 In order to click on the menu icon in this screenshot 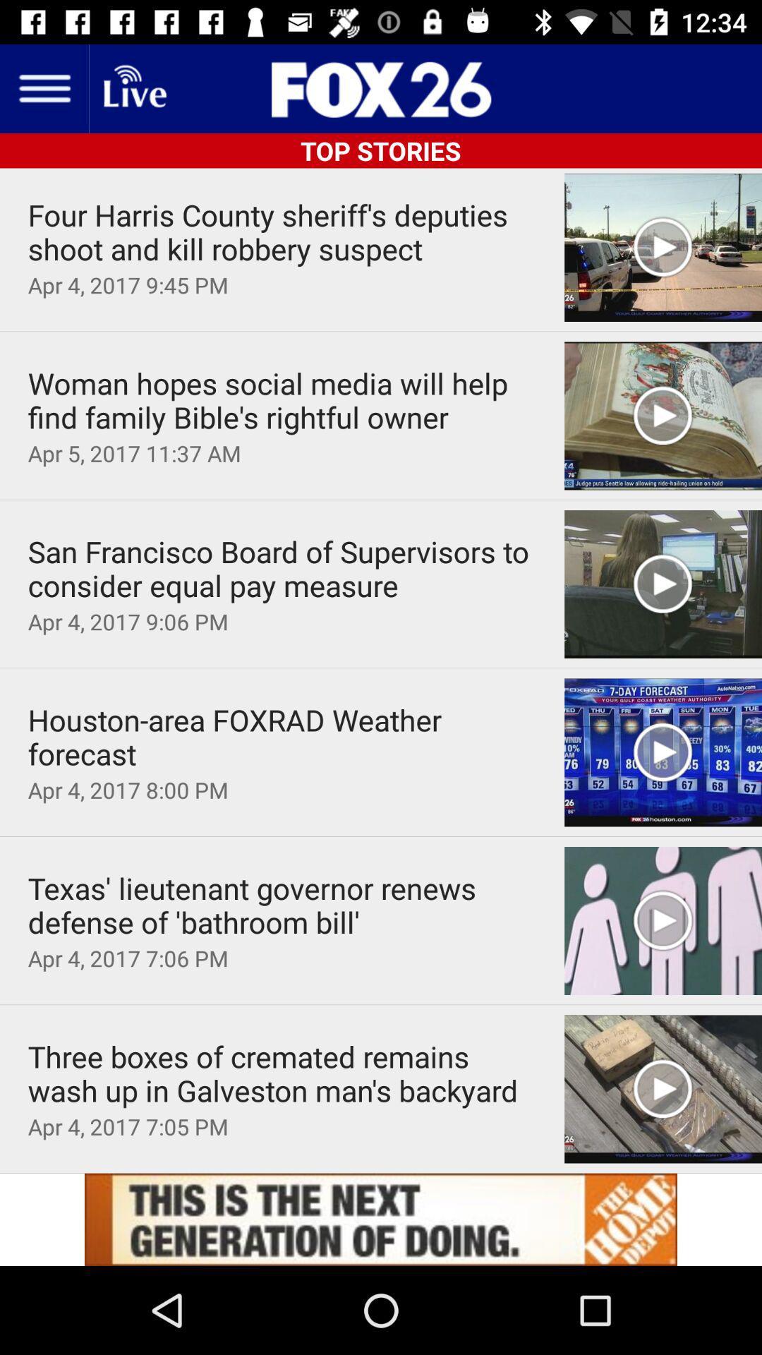, I will do `click(43, 88)`.